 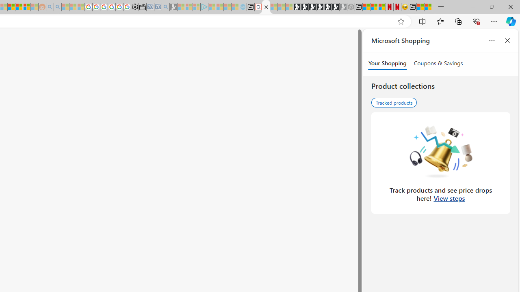 What do you see at coordinates (312, 7) in the screenshot?
I see `'Play Cave FRVR in your browser | Games from Microsoft Start'` at bounding box center [312, 7].